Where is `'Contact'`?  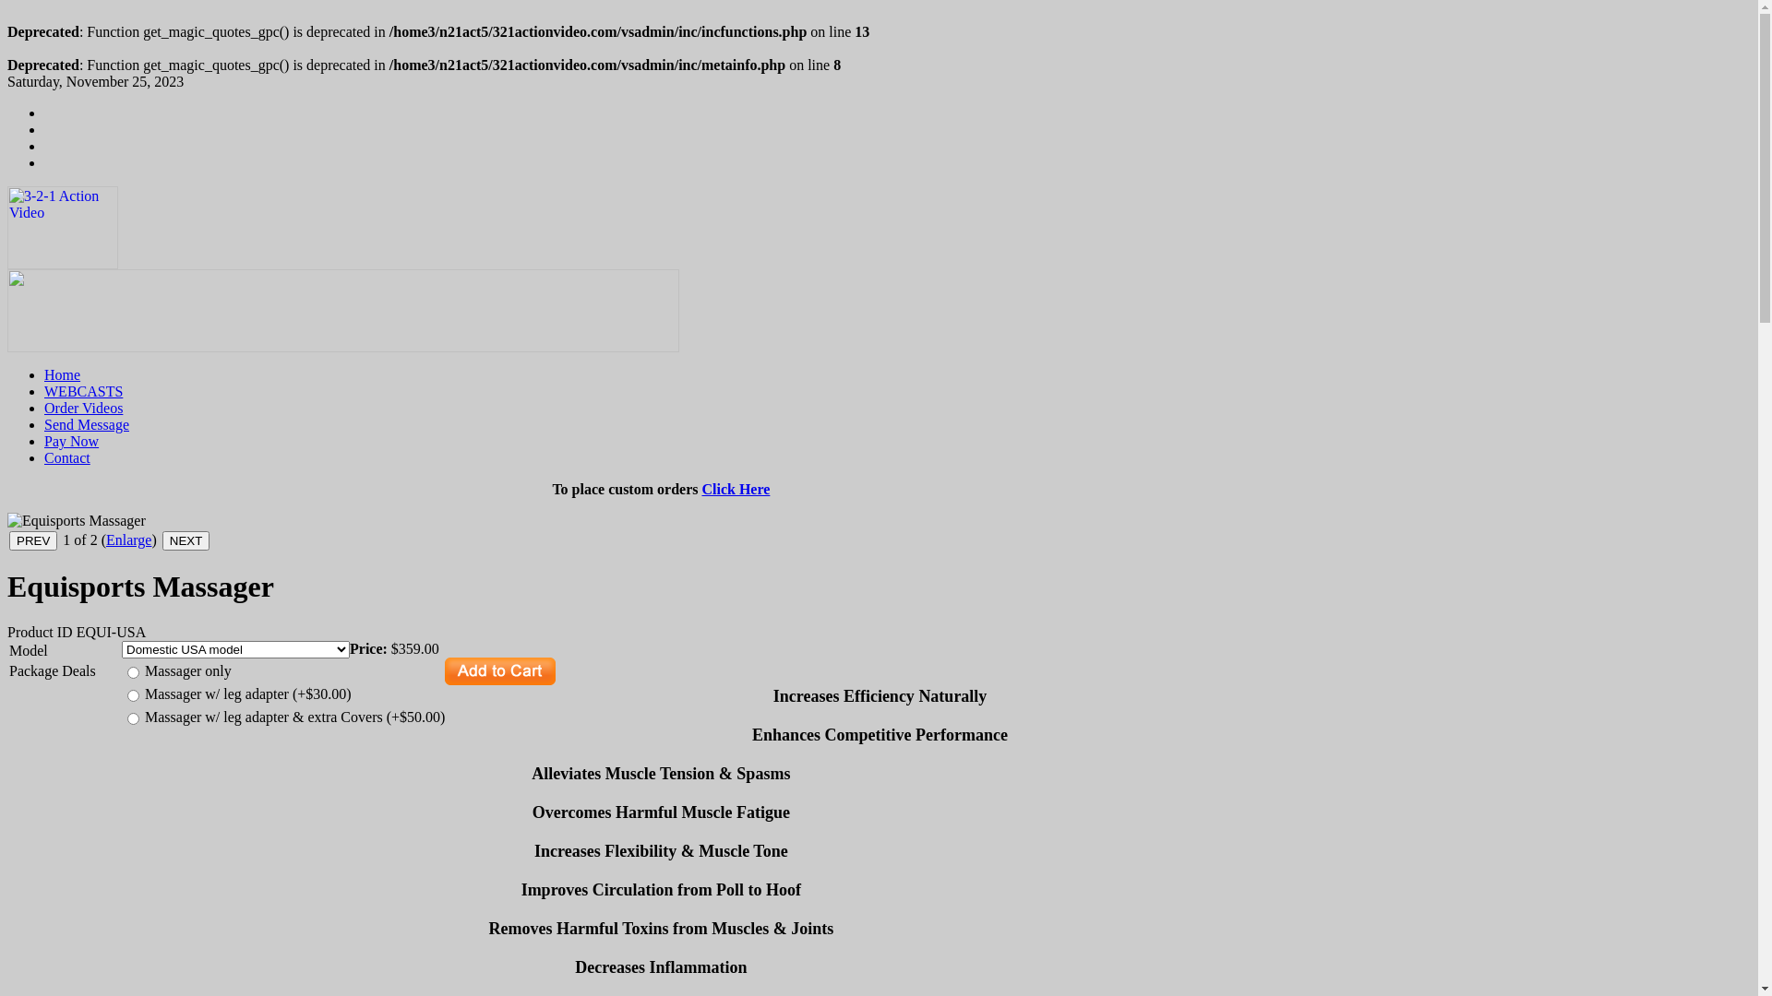 'Contact' is located at coordinates (44, 456).